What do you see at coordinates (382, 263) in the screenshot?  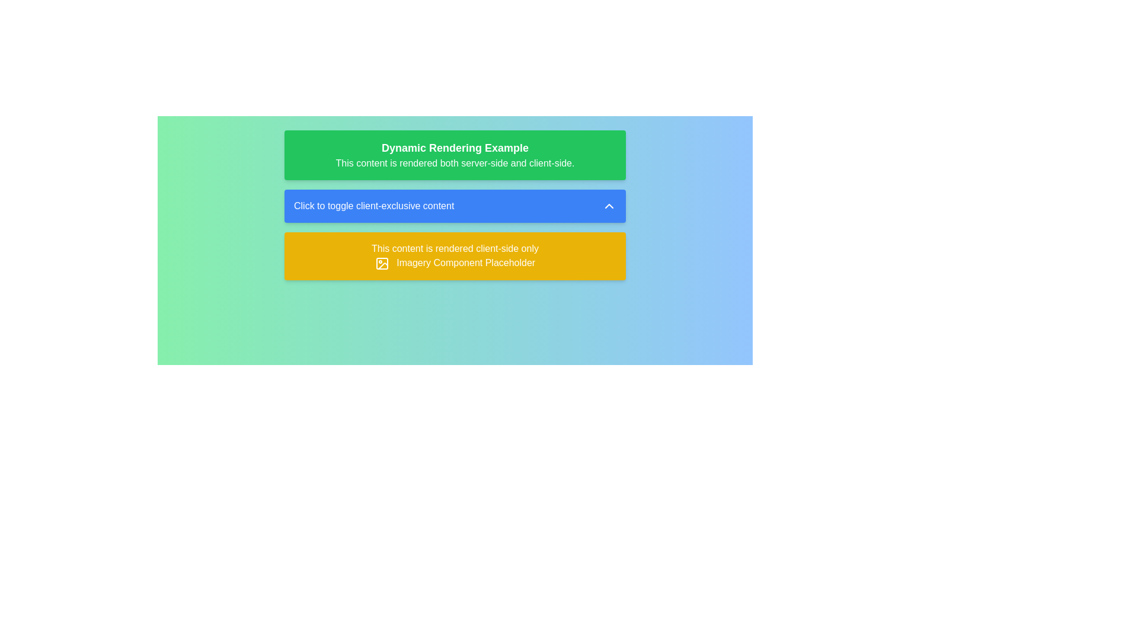 I see `the placeholder role of the icon resembling an image or picture frame, which is located inside the yellow section labeled 'This content is rendered client-side only', near the text 'Imagery Component Placeholder'` at bounding box center [382, 263].